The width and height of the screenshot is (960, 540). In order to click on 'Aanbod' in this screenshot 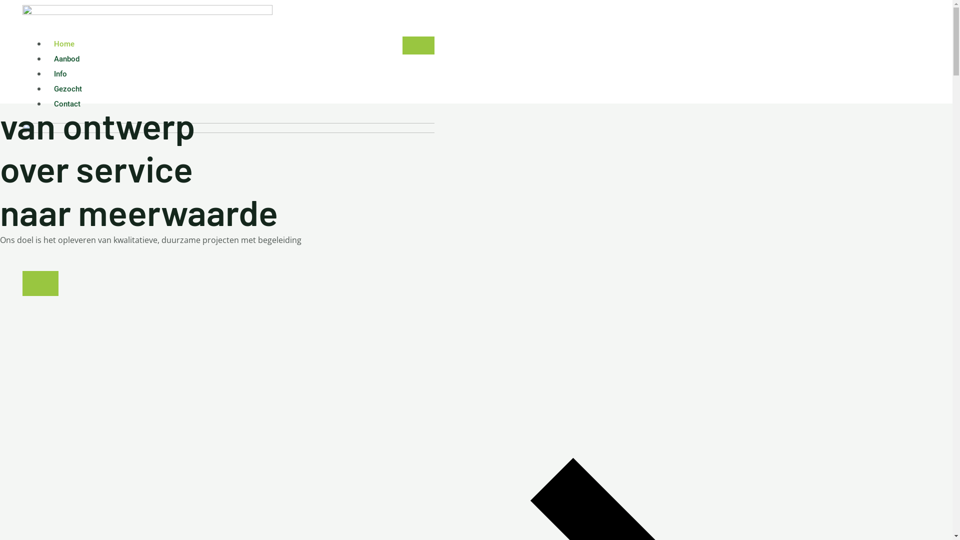, I will do `click(45, 59)`.